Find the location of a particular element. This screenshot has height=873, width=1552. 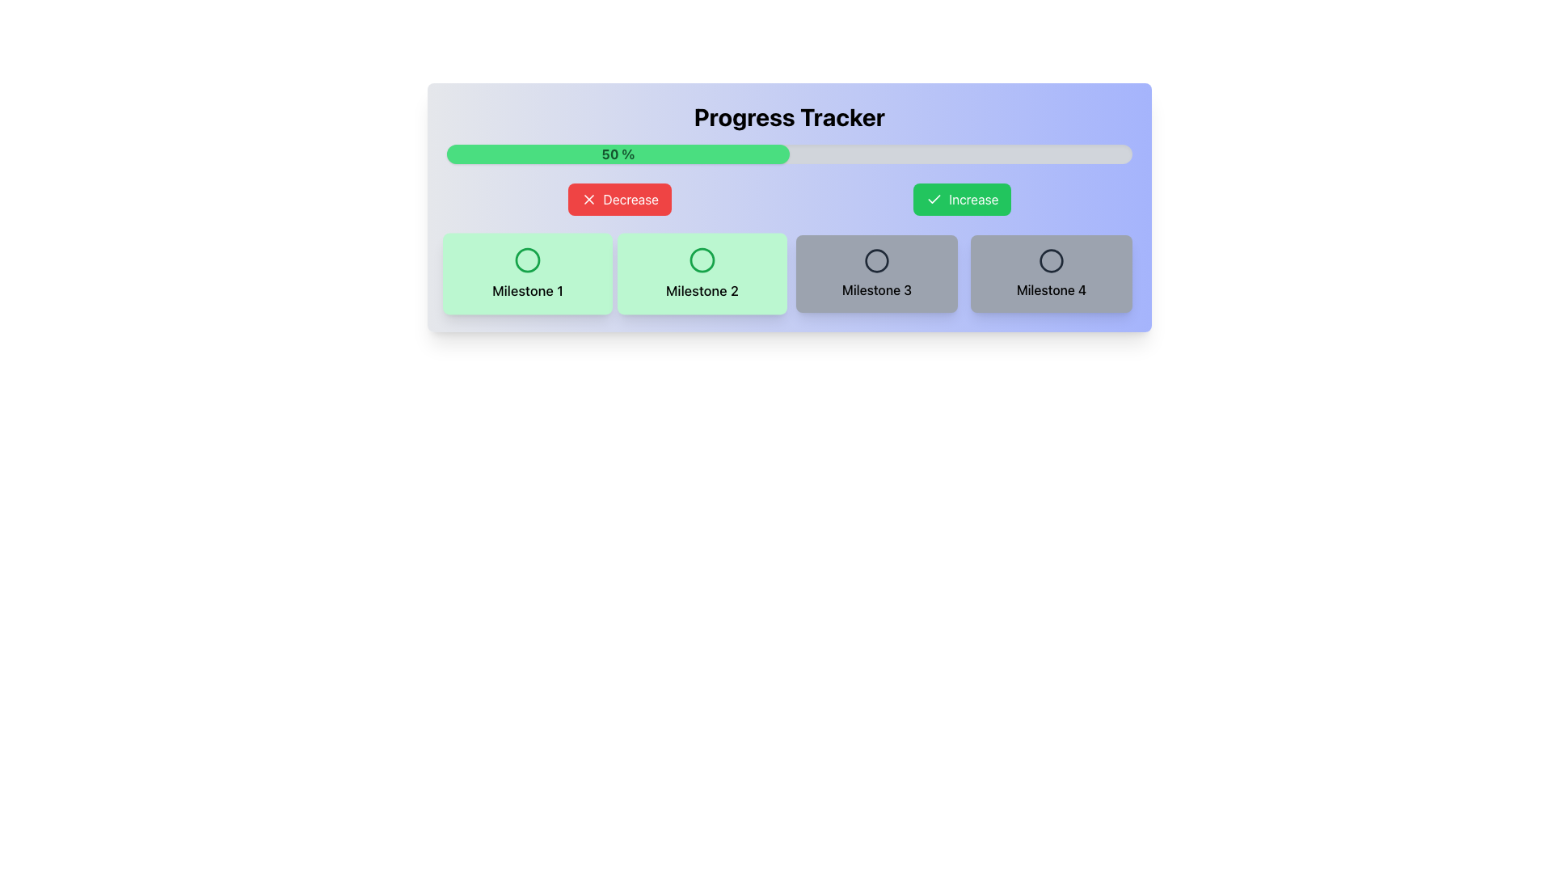

the Labeled Icon Button representing the second milestone in the progress tracking interface is located at coordinates (702, 273).